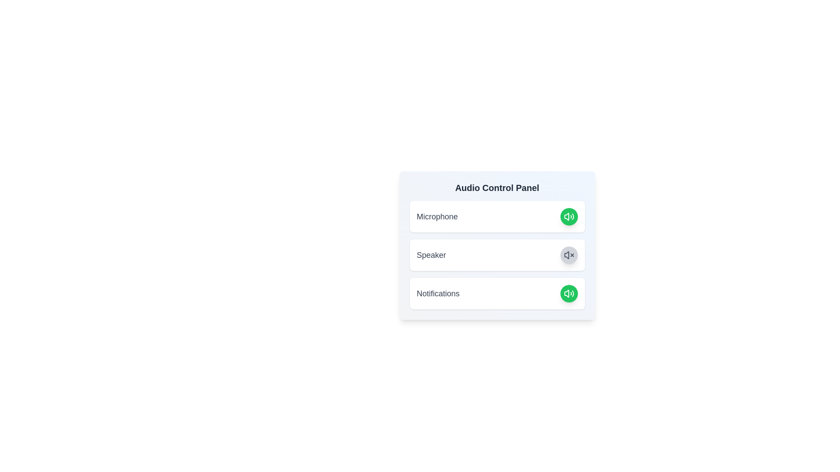  Describe the element at coordinates (569, 255) in the screenshot. I see `the circular mute button located in the 'Speaker' section of the 'Audio Control Panel'` at that location.